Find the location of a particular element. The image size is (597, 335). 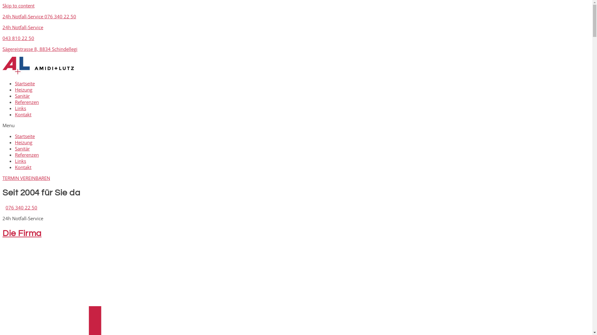

'Die Firma' is located at coordinates (22, 233).